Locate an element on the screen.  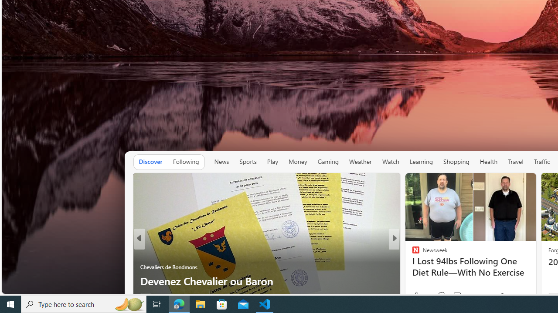
'Start the conversation' is located at coordinates (452, 296).